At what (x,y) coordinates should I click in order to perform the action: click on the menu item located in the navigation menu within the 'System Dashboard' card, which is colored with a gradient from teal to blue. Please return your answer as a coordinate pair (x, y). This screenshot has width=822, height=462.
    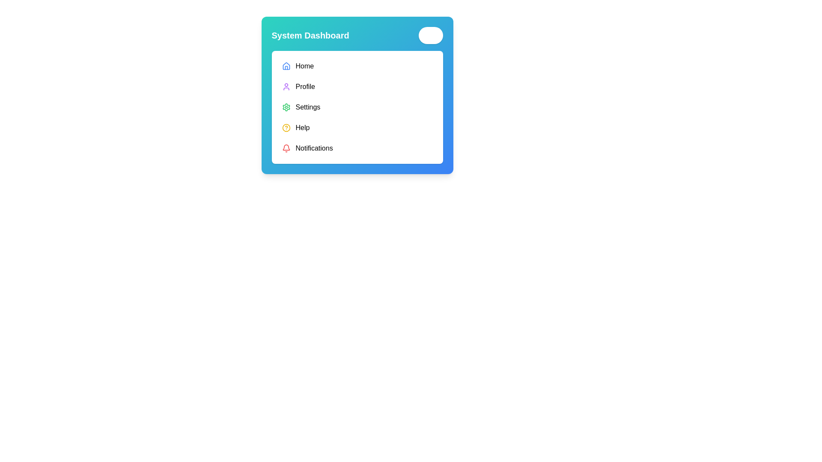
    Looking at the image, I should click on (357, 107).